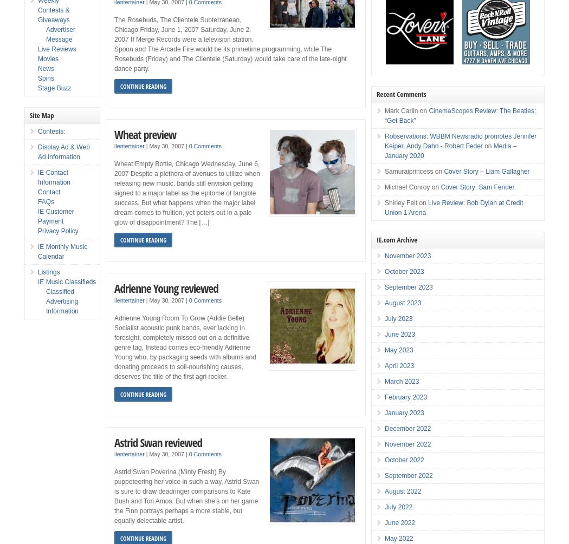 This screenshot has height=544, width=569. Describe the element at coordinates (401, 382) in the screenshot. I see `'March 2023'` at that location.